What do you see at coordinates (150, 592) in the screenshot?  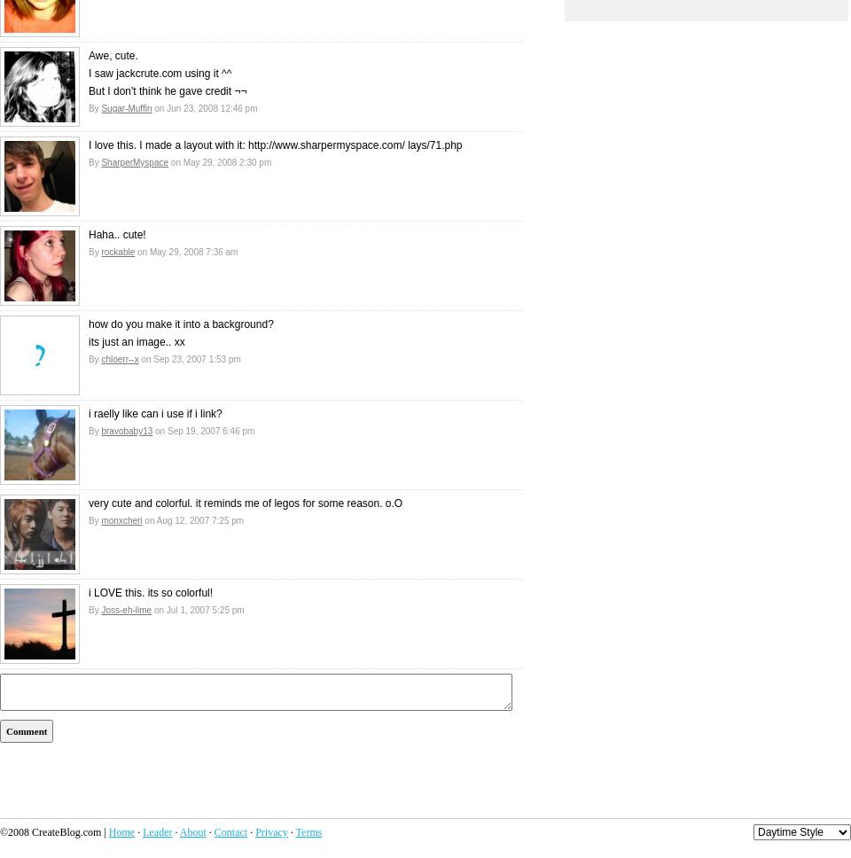 I see `'i LOVE this. its so colorful!'` at bounding box center [150, 592].